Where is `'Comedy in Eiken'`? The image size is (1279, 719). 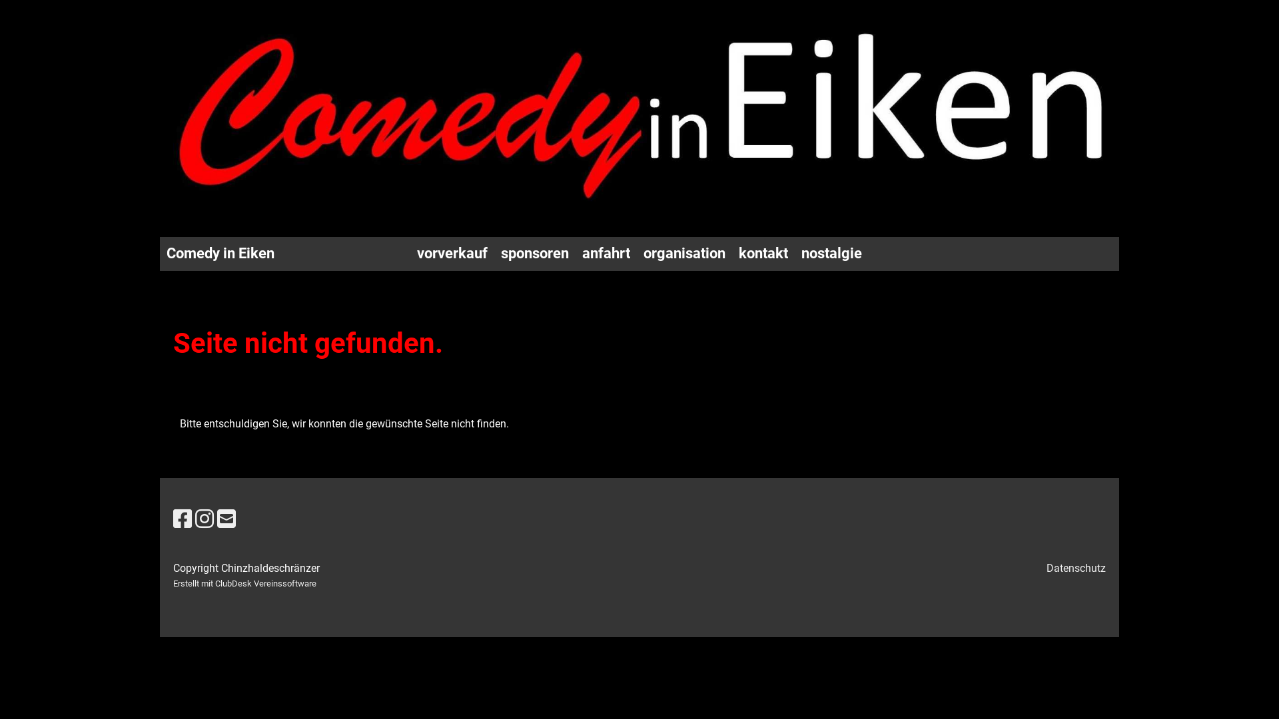 'Comedy in Eiken' is located at coordinates (160, 254).